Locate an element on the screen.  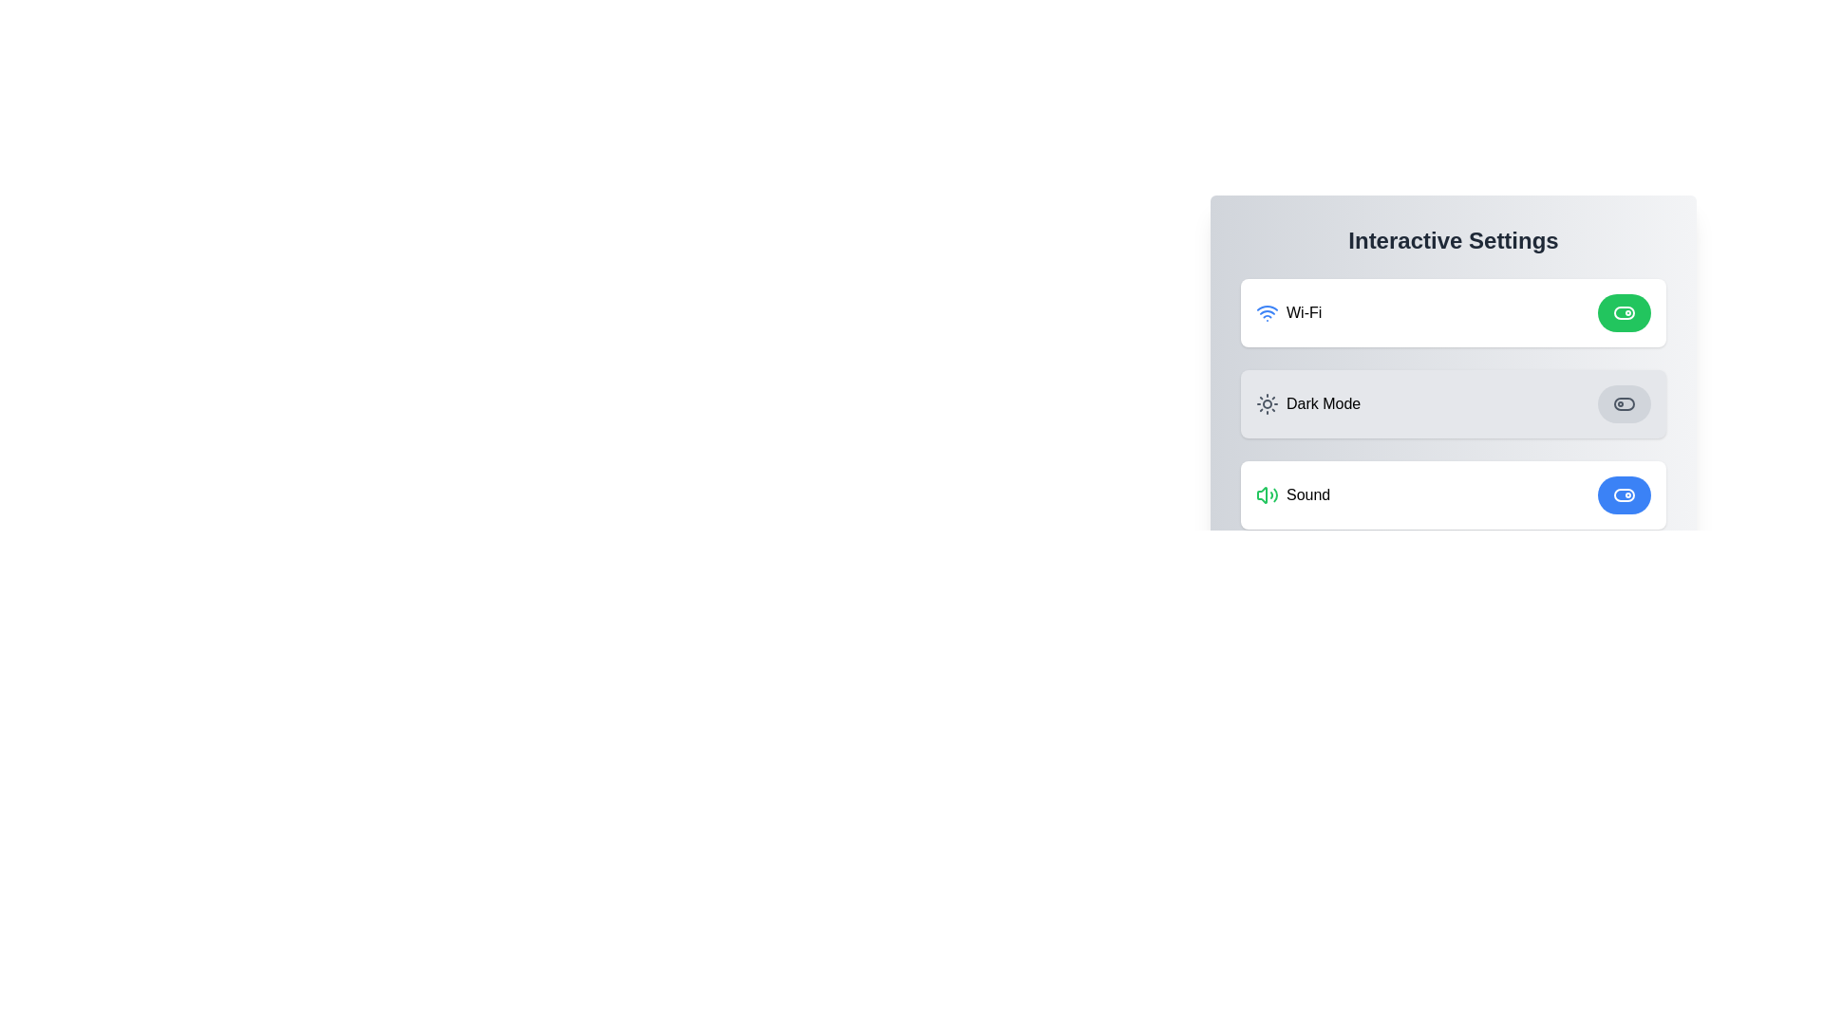
the Dark Mode toggle option in the Interactive Settings menu is located at coordinates (1453, 402).